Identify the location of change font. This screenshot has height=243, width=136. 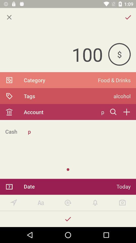
(41, 203).